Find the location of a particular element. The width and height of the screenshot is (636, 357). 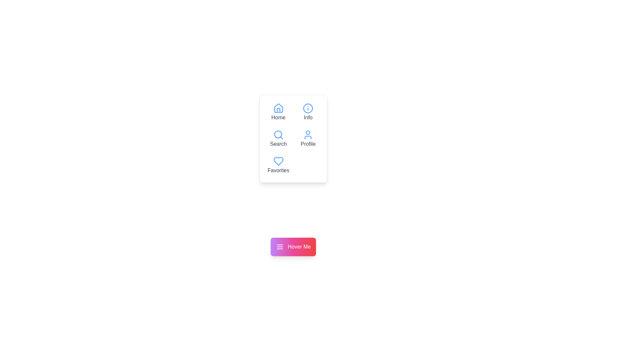

the search icon, which is a circular icon with a blue outline and white fill, located in the second row of a vertical grid layout, to perform actions on adjacent UI components is located at coordinates (278, 134).